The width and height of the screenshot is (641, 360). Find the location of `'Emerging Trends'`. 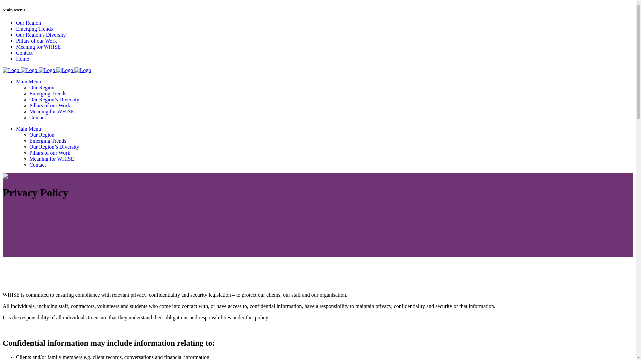

'Emerging Trends' is located at coordinates (34, 28).